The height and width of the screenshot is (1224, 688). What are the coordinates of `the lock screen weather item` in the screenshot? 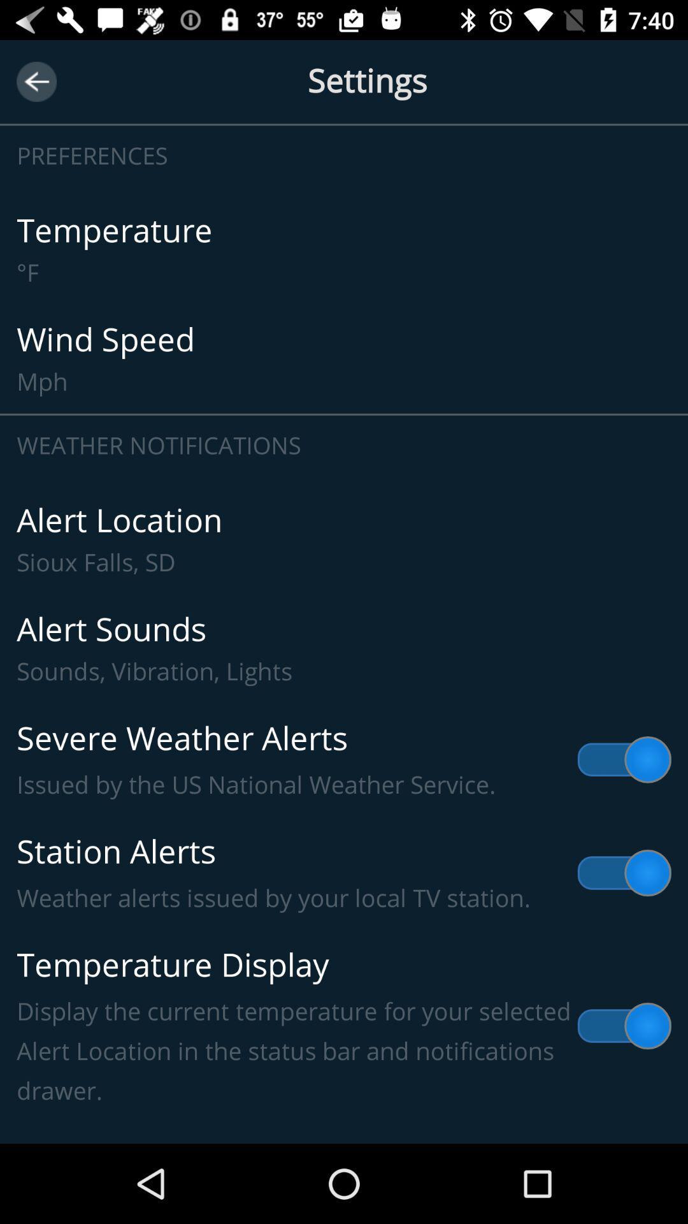 It's located at (344, 1125).